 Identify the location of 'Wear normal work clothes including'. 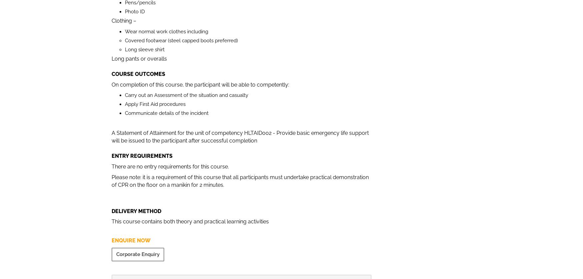
(166, 31).